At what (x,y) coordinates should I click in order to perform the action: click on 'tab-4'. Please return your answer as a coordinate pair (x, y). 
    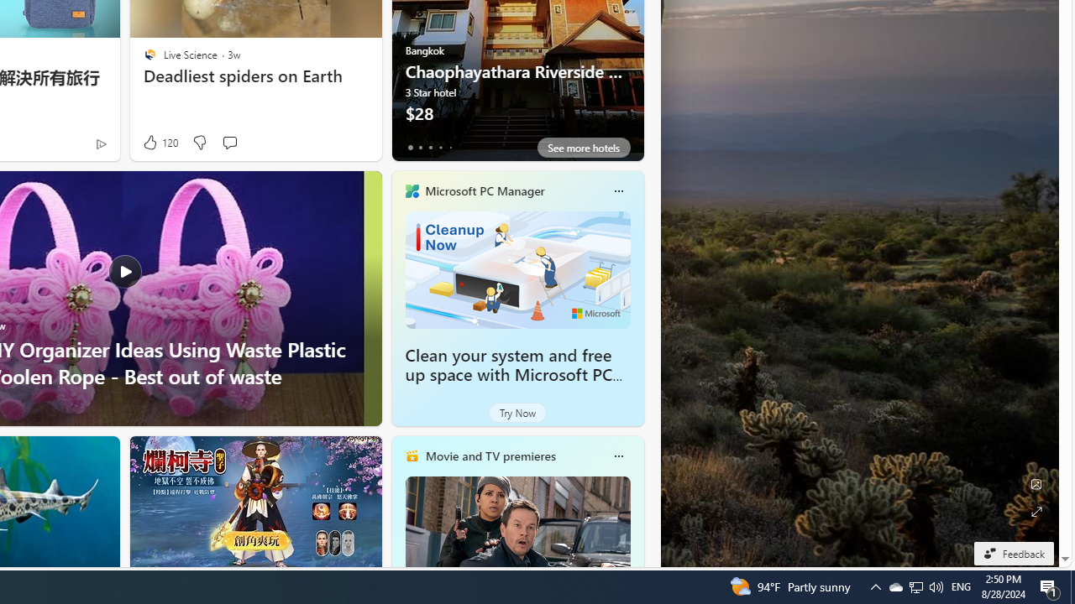
    Looking at the image, I should click on (450, 147).